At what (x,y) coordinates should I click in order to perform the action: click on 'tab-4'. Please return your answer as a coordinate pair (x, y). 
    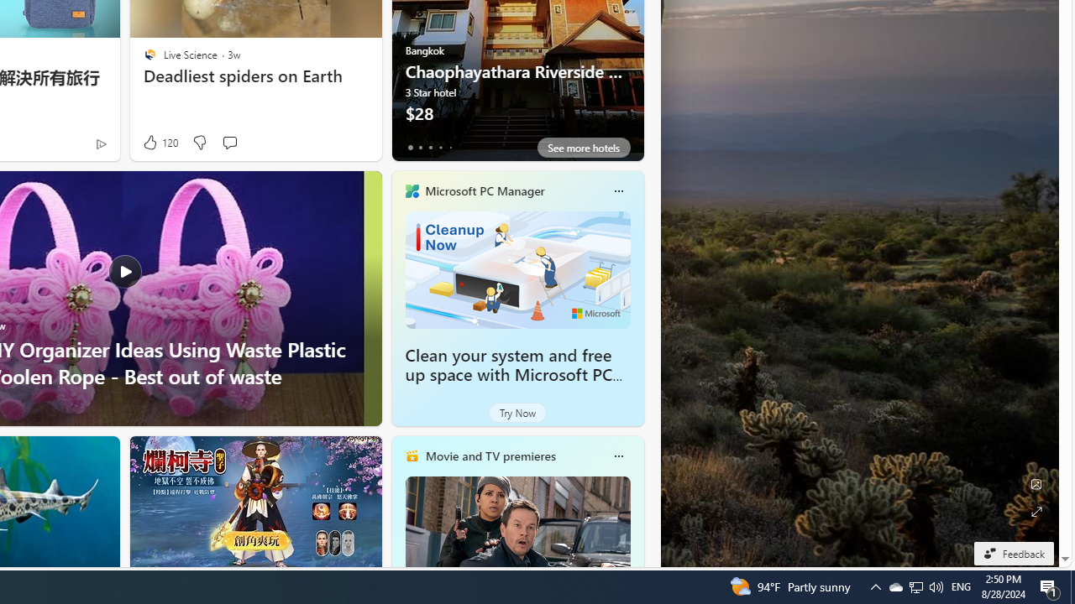
    Looking at the image, I should click on (450, 147).